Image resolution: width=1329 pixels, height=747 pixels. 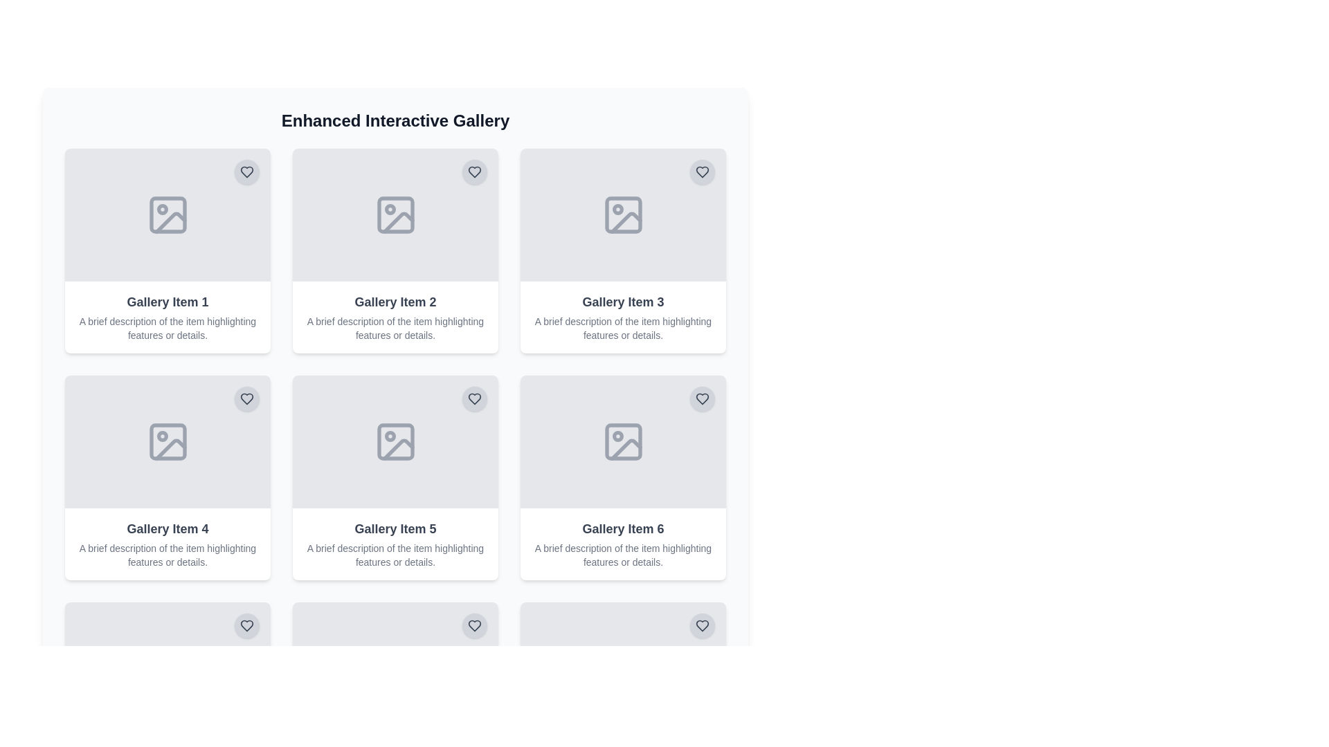 What do you see at coordinates (622, 328) in the screenshot?
I see `the descriptive text block located immediately below 'Gallery Item 3' in the third grid card of the second row in the gallery layout` at bounding box center [622, 328].